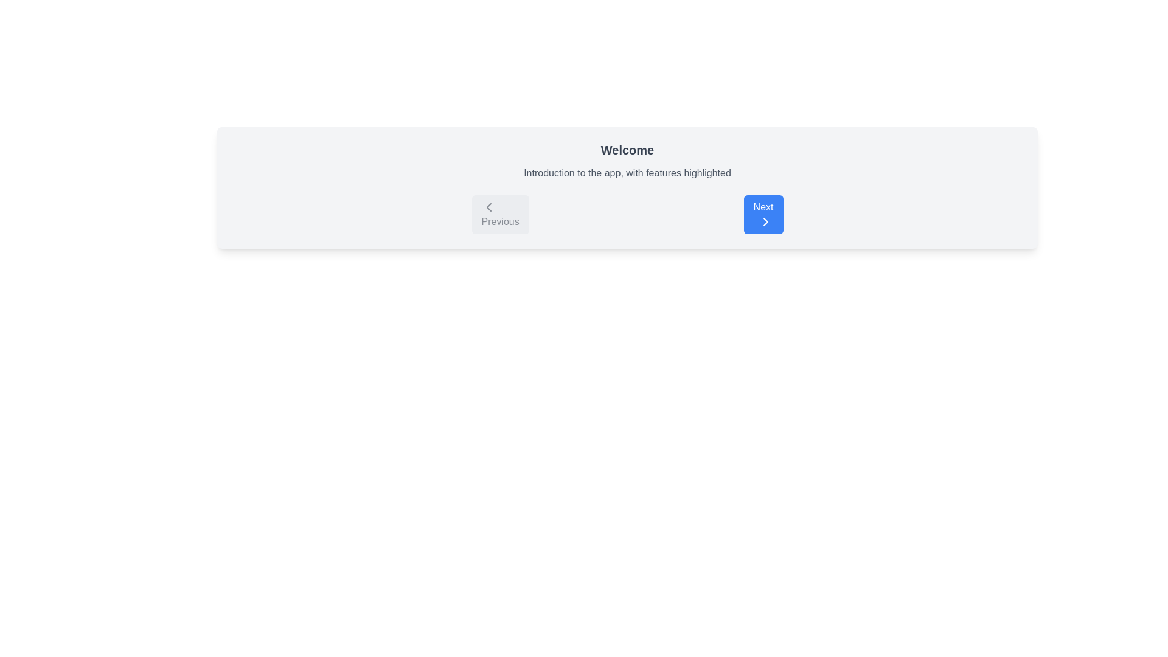 This screenshot has height=657, width=1168. What do you see at coordinates (488, 206) in the screenshot?
I see `the Vector graphical icon on the 'Previous' button, which is positioned to the left of the central content panel` at bounding box center [488, 206].